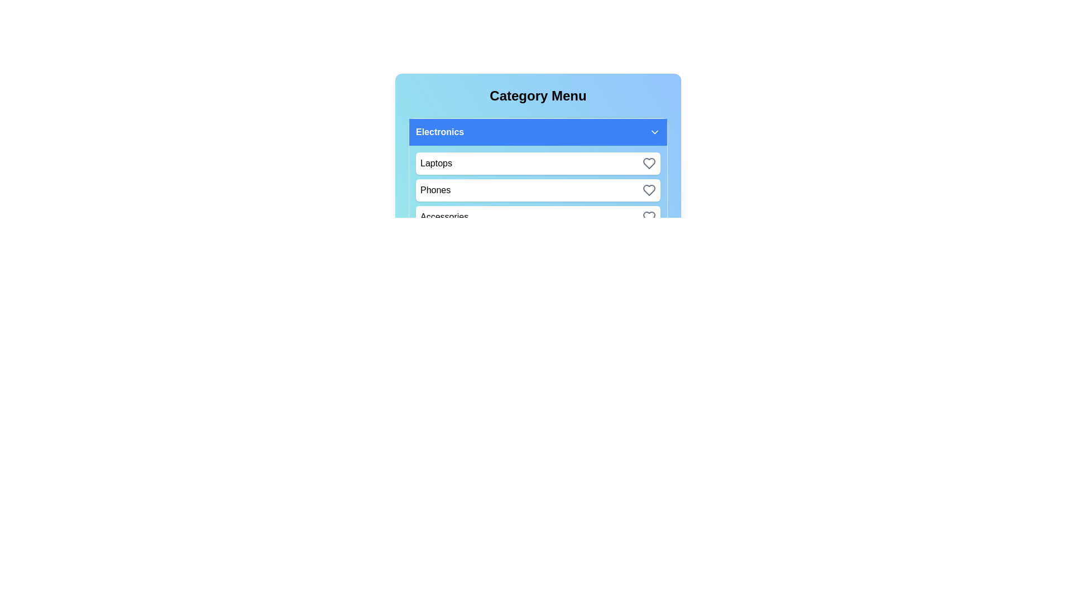  I want to click on the heart-shaped icon button located in the right-hand column of the 'Phones' row in the 'Category Menu' dropdown, so click(649, 189).